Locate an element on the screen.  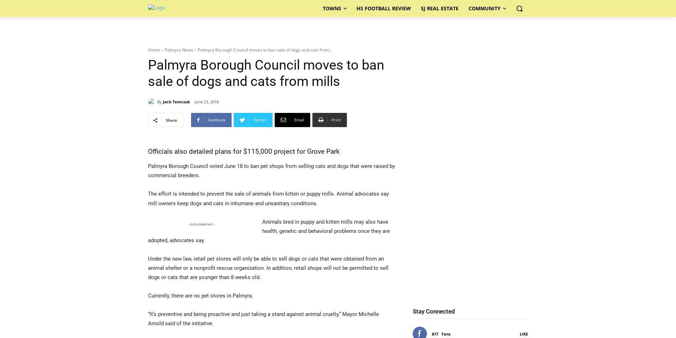
'Facebook' is located at coordinates (216, 120).